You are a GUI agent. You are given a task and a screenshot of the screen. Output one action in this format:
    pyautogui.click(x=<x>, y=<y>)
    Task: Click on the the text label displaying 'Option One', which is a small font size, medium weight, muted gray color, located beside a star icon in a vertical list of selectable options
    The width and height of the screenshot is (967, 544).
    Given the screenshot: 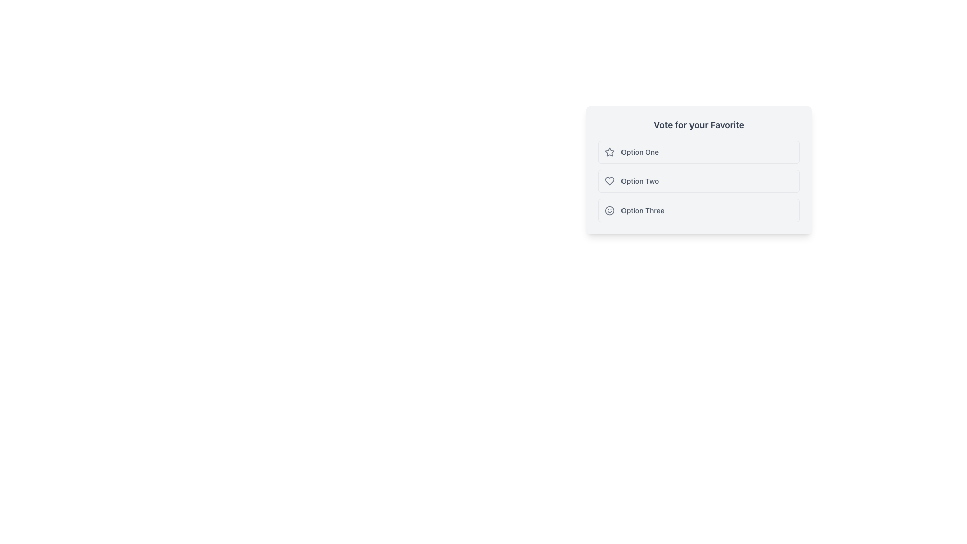 What is the action you would take?
    pyautogui.click(x=639, y=152)
    